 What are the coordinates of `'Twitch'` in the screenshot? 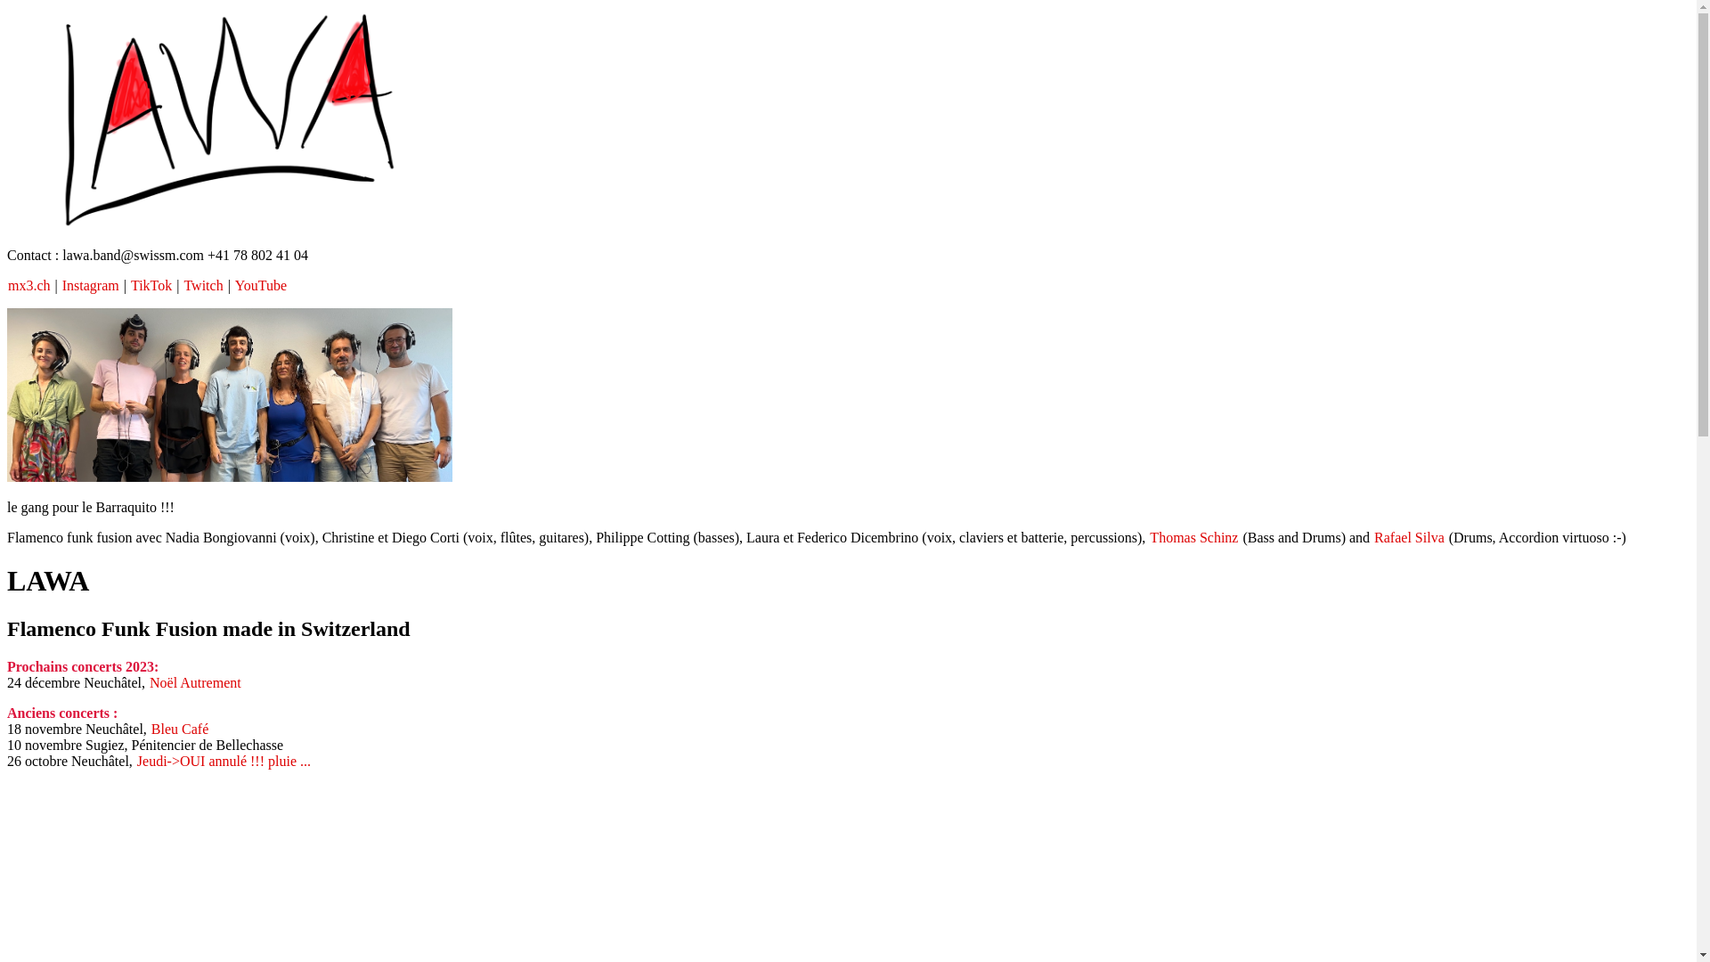 It's located at (202, 283).